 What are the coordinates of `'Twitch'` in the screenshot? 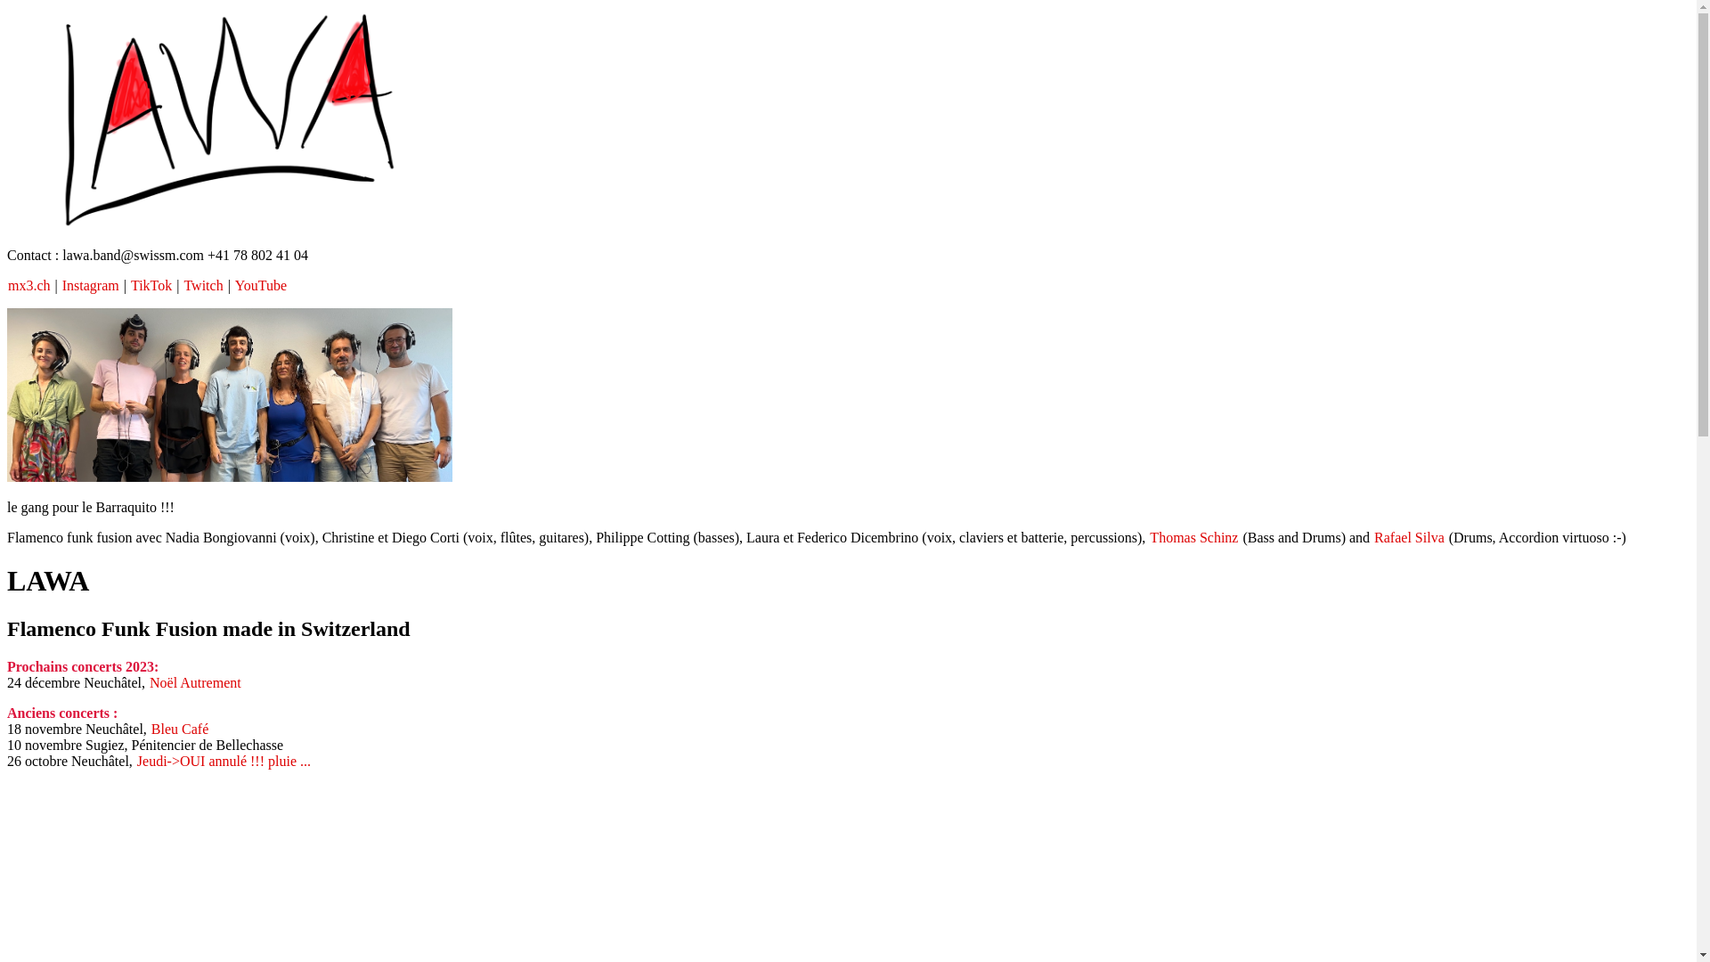 It's located at (202, 283).